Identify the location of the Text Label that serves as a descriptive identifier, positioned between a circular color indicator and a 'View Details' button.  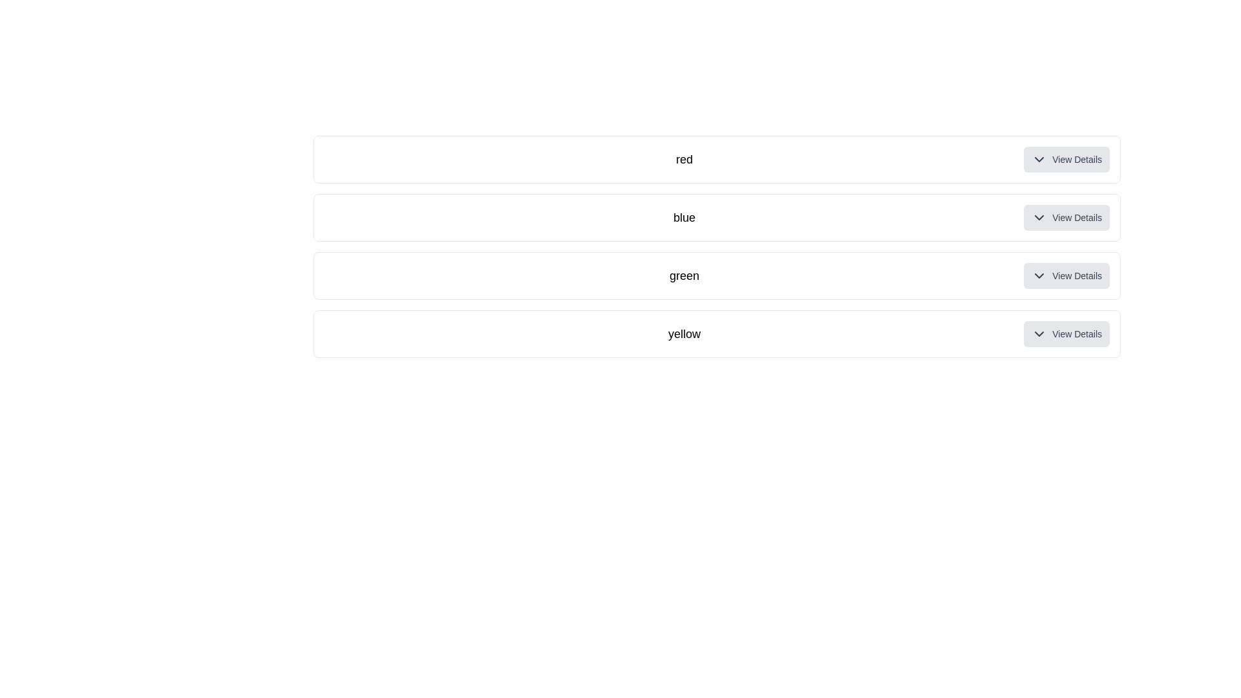
(684, 217).